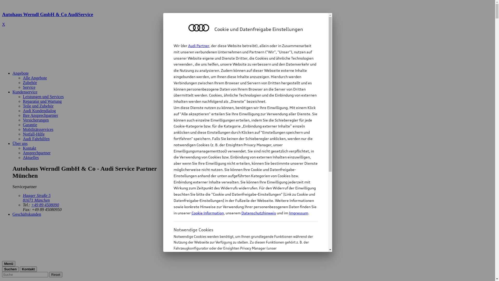 Image resolution: width=499 pixels, height=281 pixels. Describe the element at coordinates (4, 24) in the screenshot. I see `'X'` at that location.